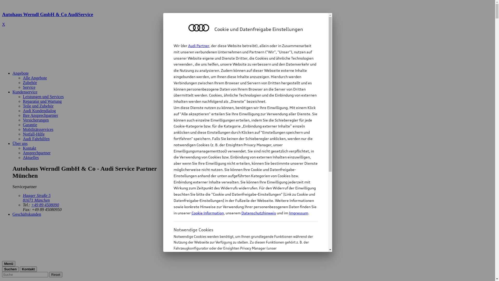 Image resolution: width=499 pixels, height=281 pixels. Describe the element at coordinates (4, 24) in the screenshot. I see `'X'` at that location.